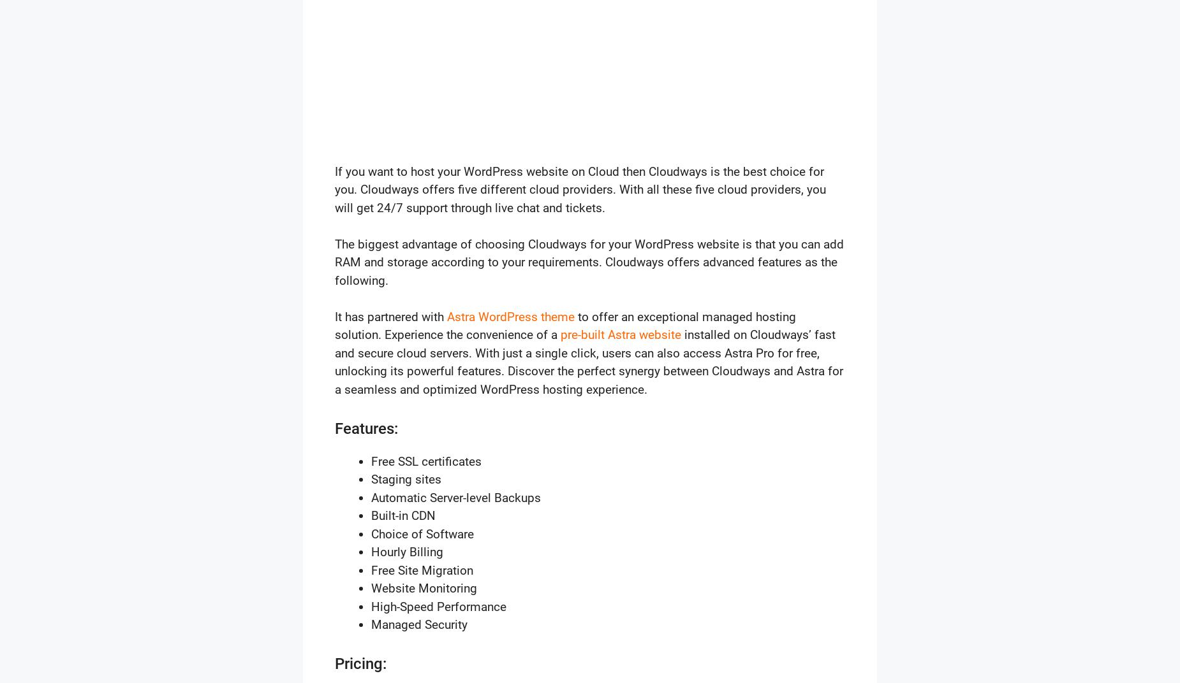 This screenshot has width=1180, height=683. I want to click on 'Staging sites', so click(371, 479).